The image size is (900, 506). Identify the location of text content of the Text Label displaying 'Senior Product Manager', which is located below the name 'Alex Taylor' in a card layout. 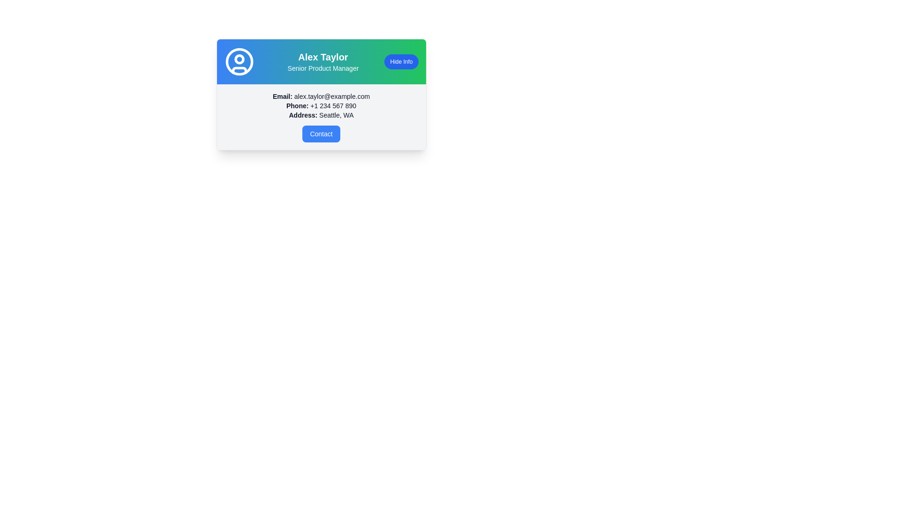
(323, 68).